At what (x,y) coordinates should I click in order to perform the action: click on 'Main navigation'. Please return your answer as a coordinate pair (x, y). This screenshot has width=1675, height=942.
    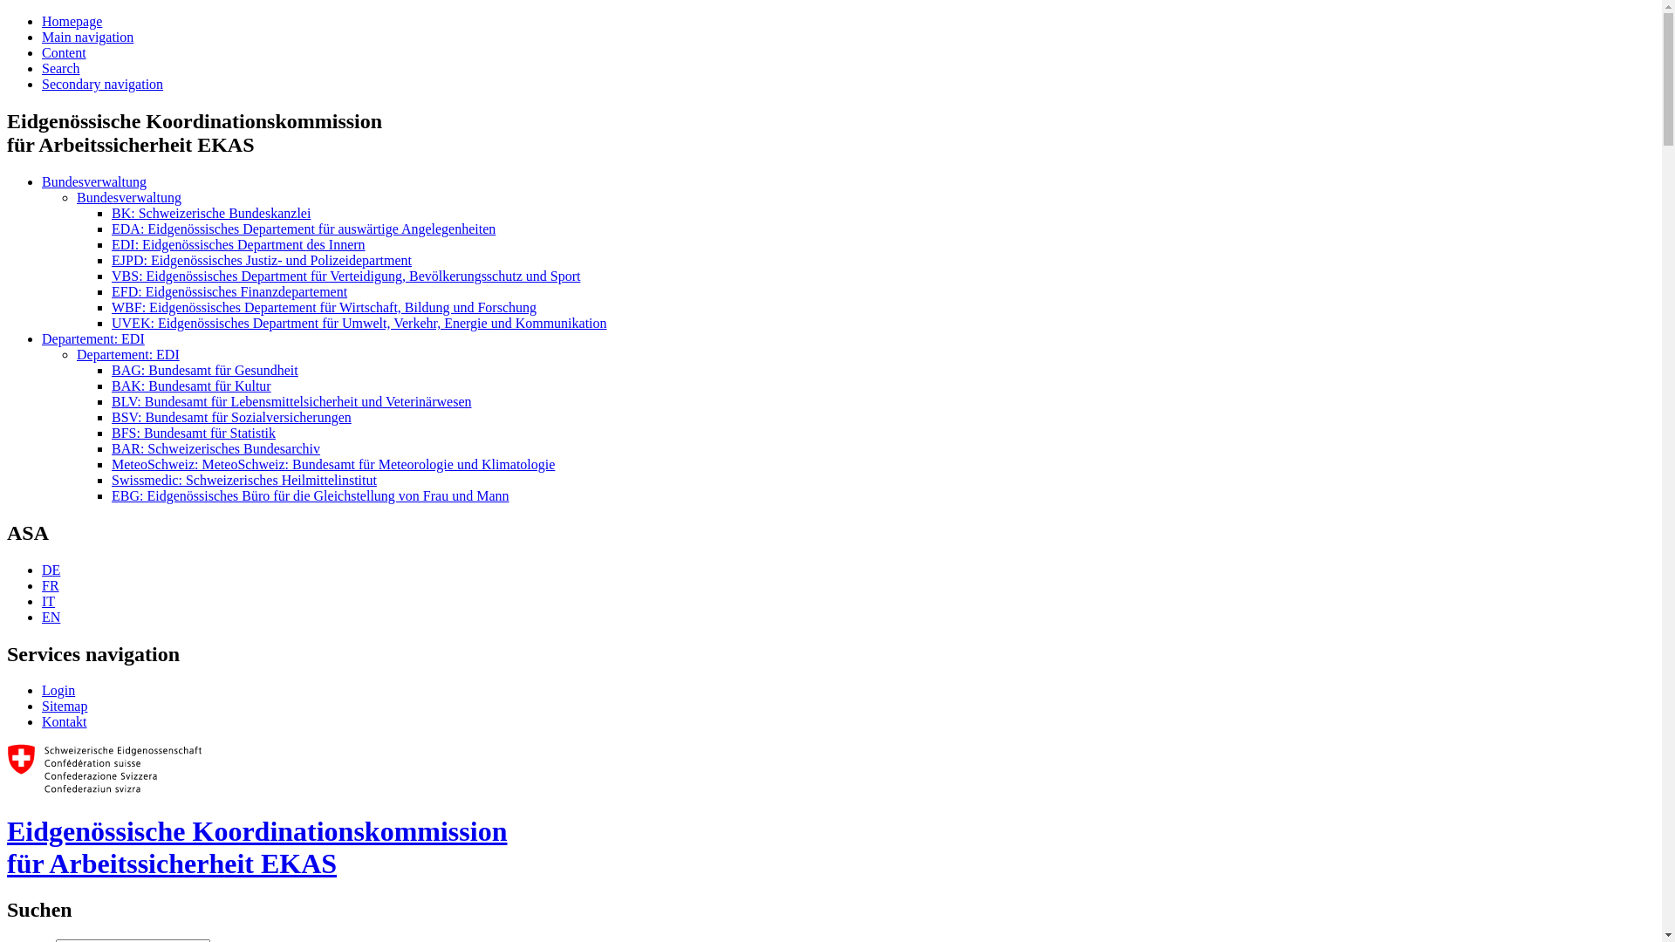
    Looking at the image, I should click on (86, 37).